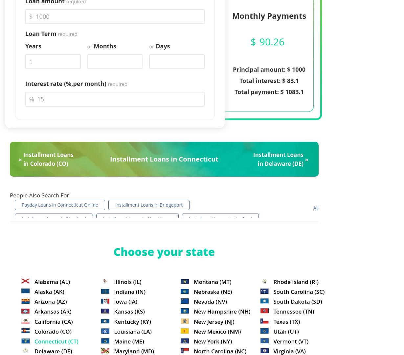  I want to click on 'All', so click(315, 207).